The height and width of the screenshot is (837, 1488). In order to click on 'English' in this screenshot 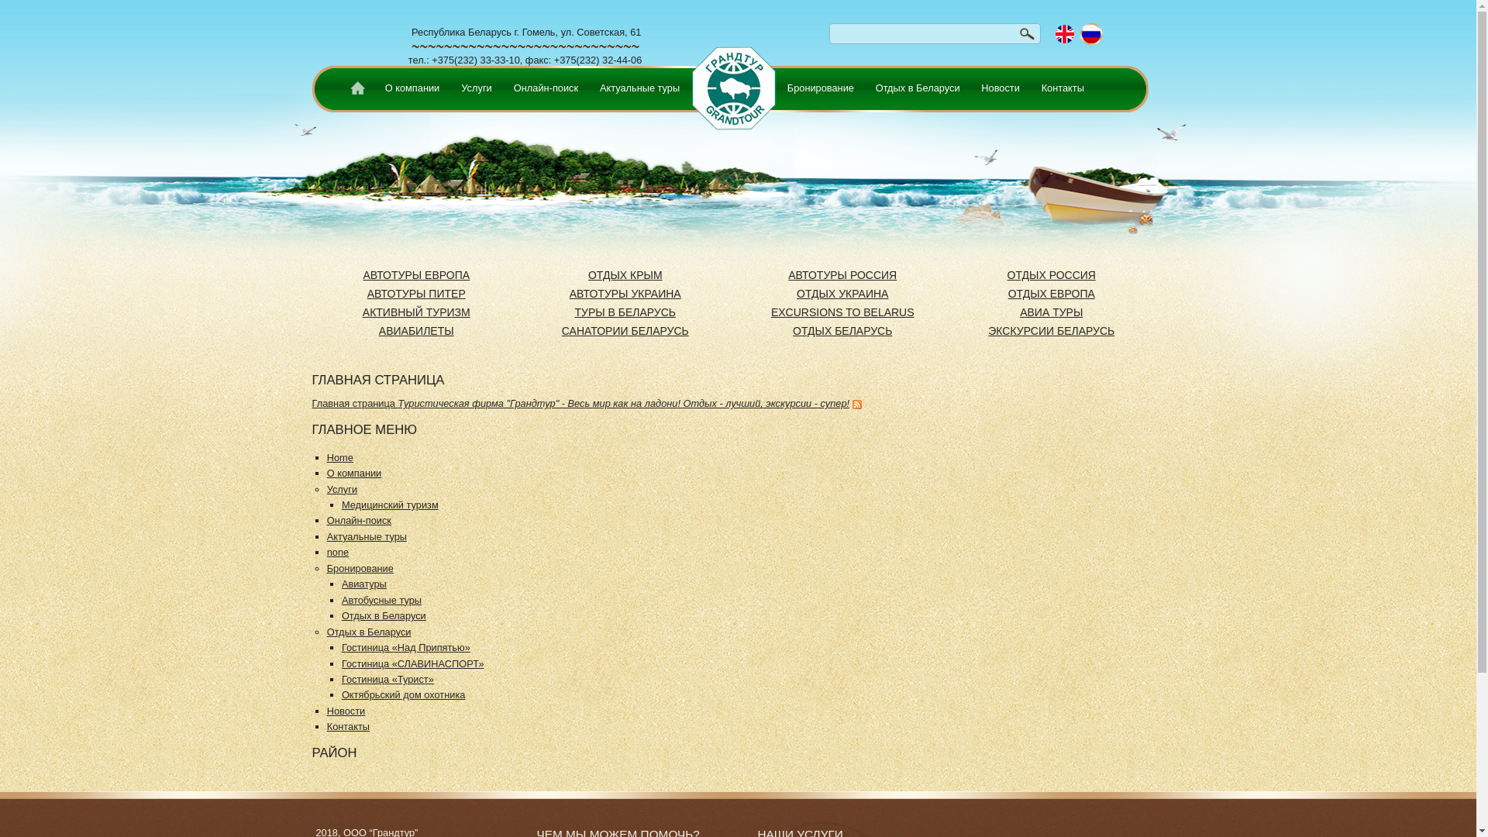, I will do `click(1064, 34)`.